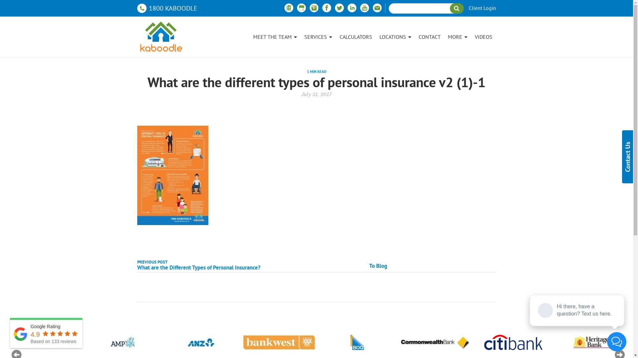 Image resolution: width=638 pixels, height=358 pixels. I want to click on 'Free property report', so click(288, 8).